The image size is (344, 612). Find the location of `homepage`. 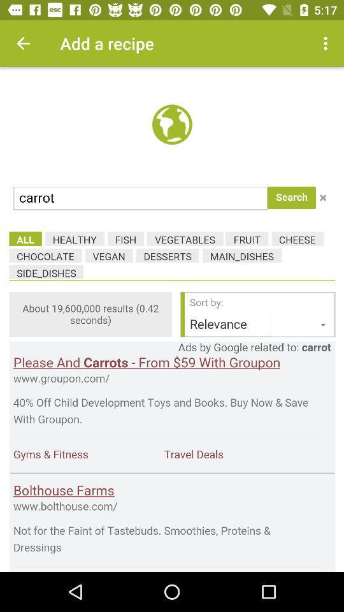

homepage is located at coordinates (172, 319).